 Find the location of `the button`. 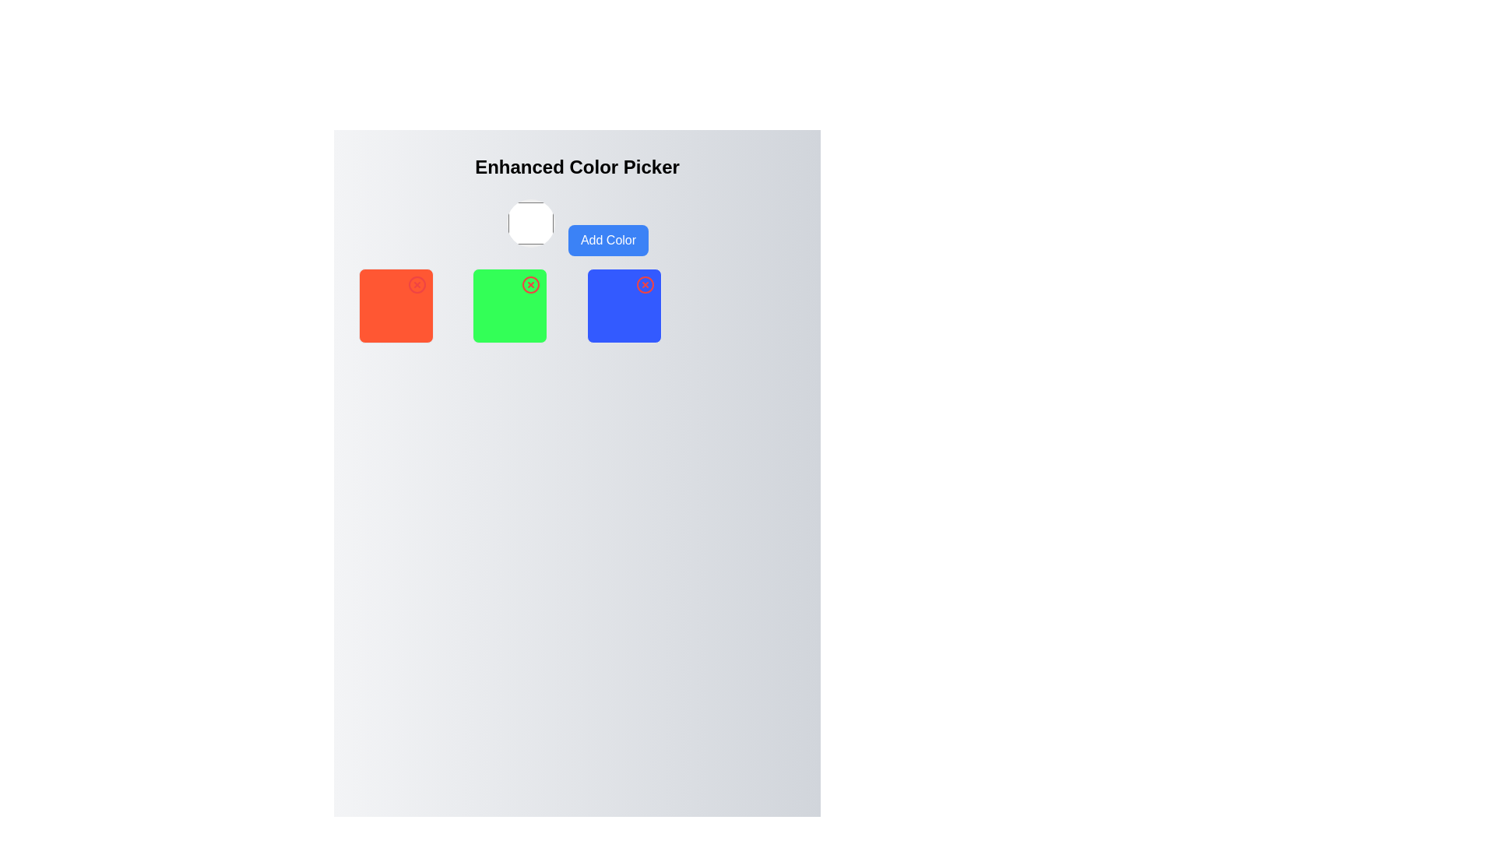

the button is located at coordinates (576, 227).